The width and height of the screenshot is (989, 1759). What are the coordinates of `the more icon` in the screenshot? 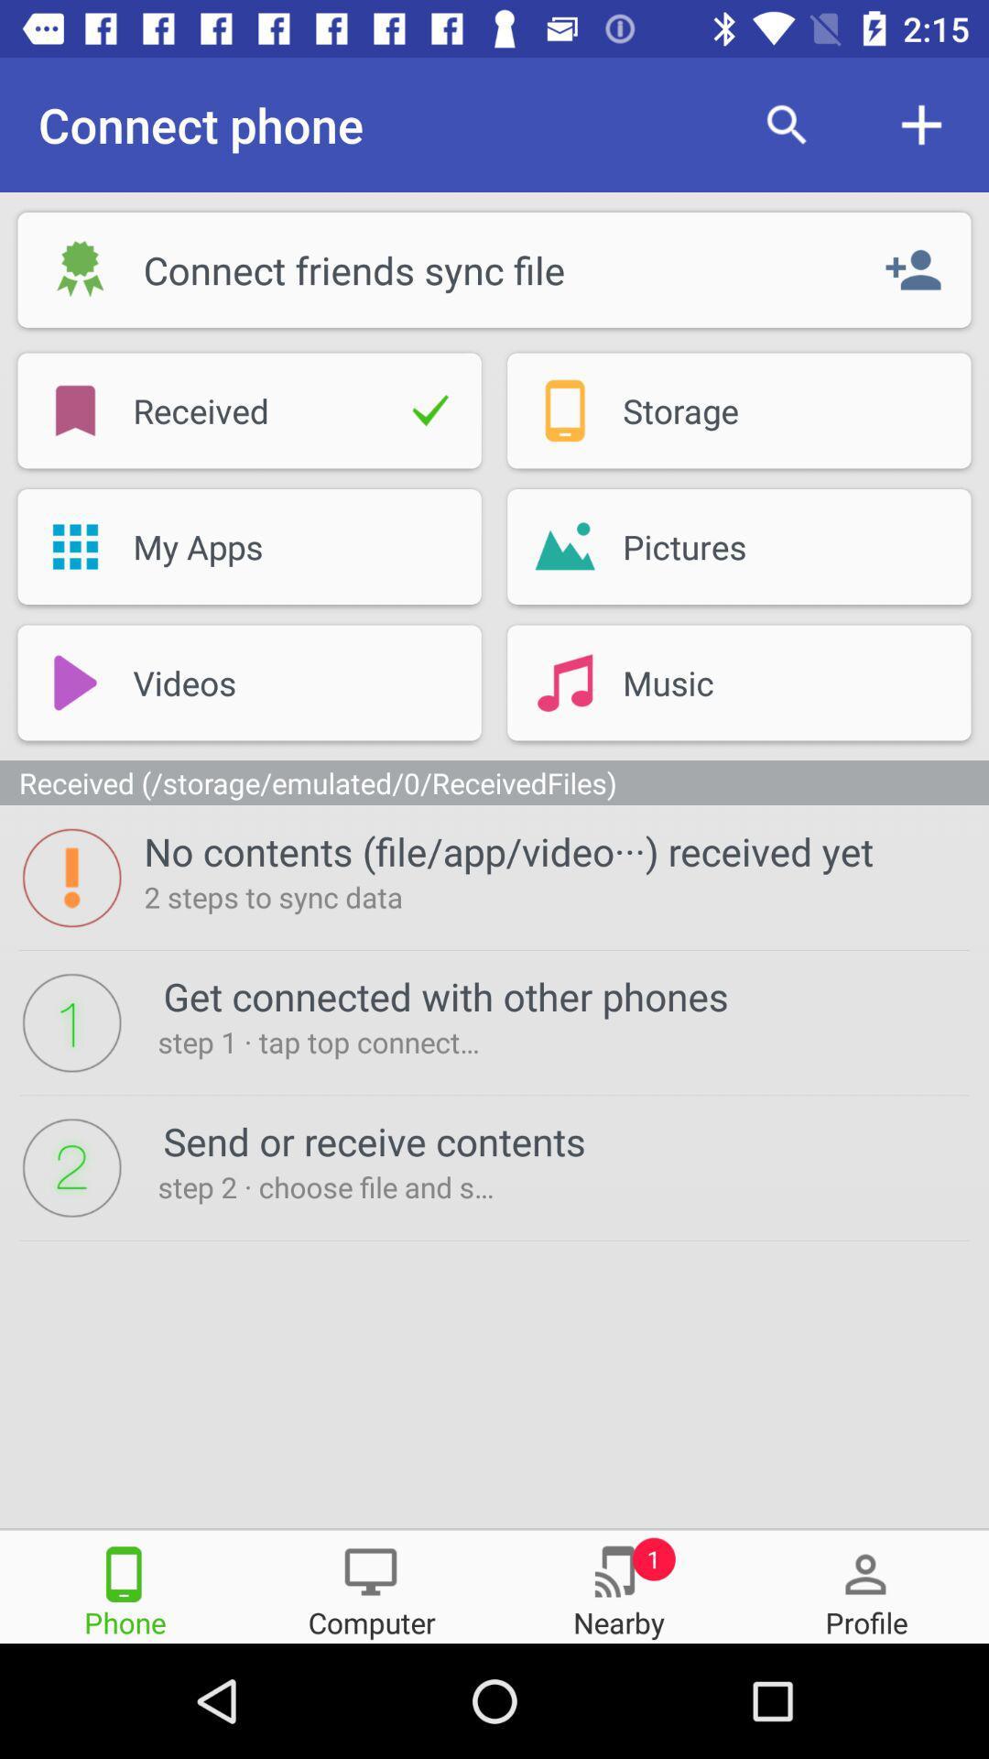 It's located at (865, 1585).